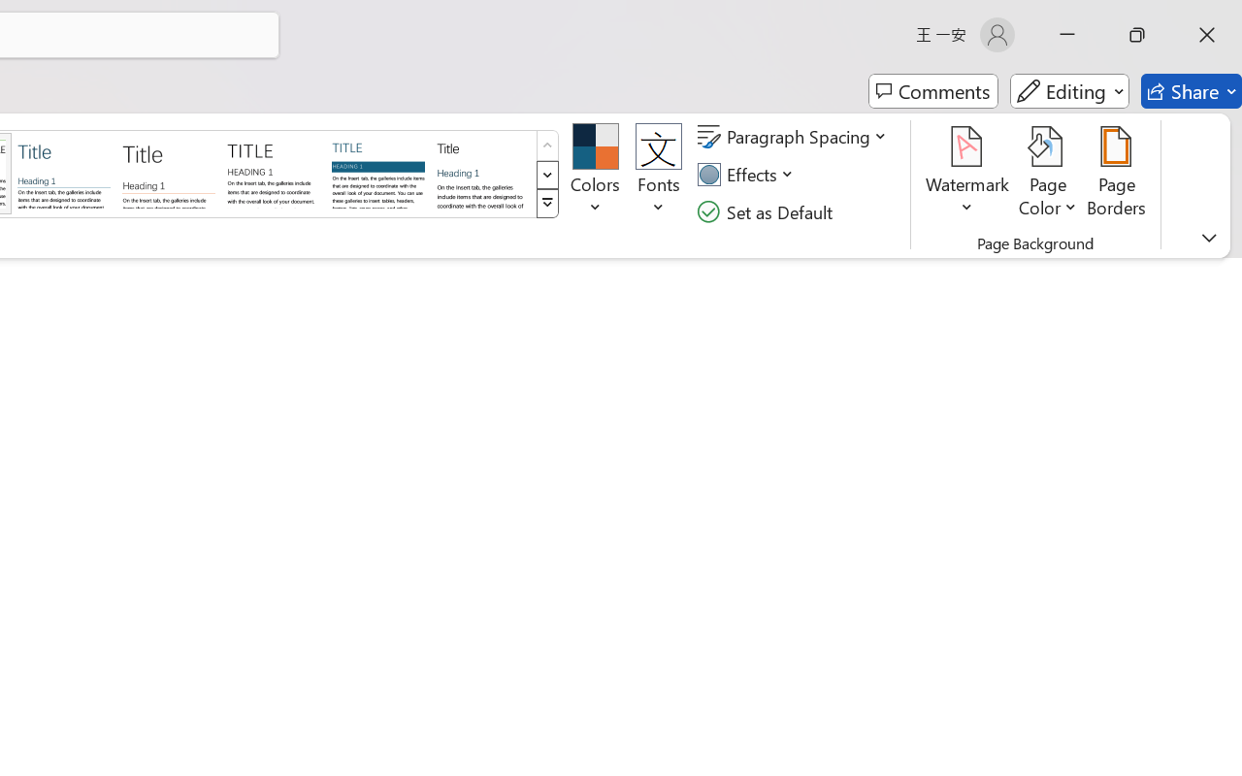  What do you see at coordinates (767, 211) in the screenshot?
I see `'Set as Default'` at bounding box center [767, 211].